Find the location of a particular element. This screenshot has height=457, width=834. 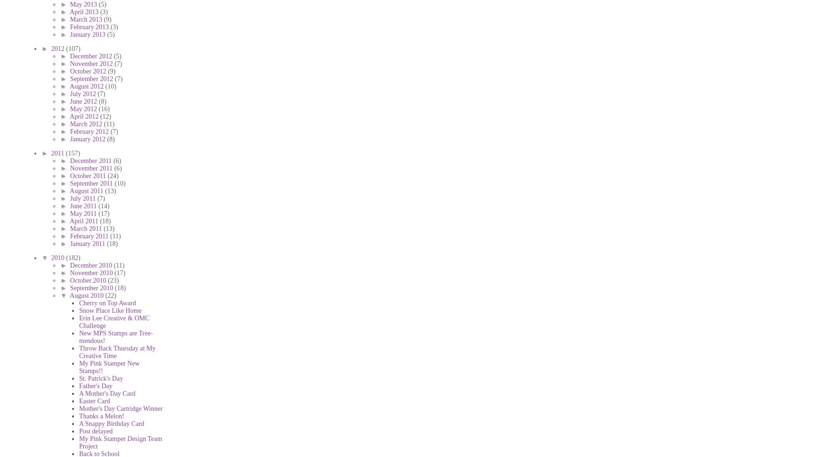

'A Snappy Birthday Card' is located at coordinates (112, 423).